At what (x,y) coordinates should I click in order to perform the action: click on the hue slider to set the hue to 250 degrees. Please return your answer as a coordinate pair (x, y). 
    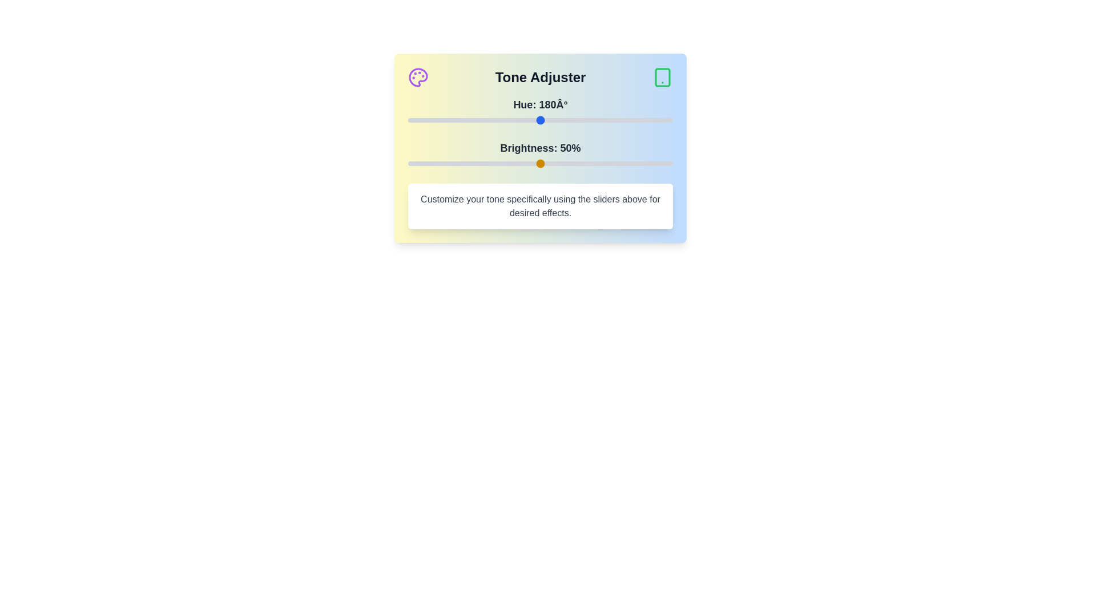
    Looking at the image, I should click on (592, 120).